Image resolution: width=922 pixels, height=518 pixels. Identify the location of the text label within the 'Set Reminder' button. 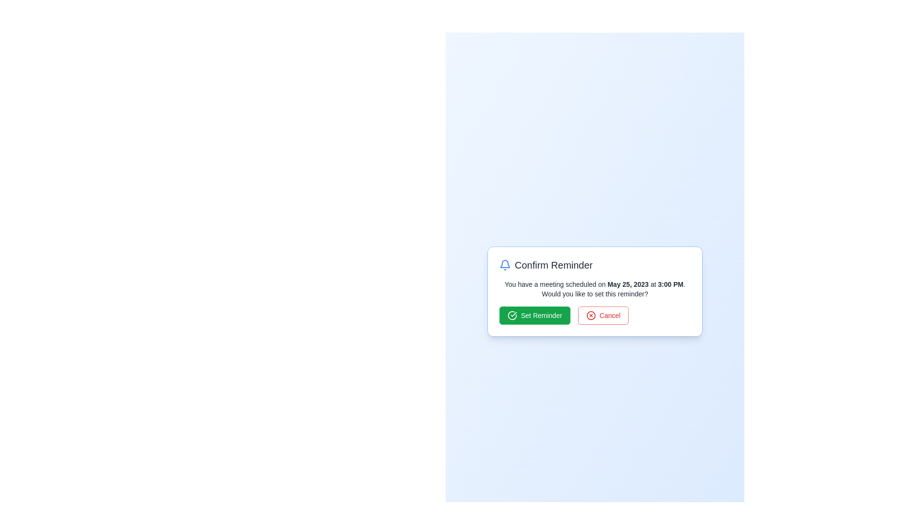
(541, 316).